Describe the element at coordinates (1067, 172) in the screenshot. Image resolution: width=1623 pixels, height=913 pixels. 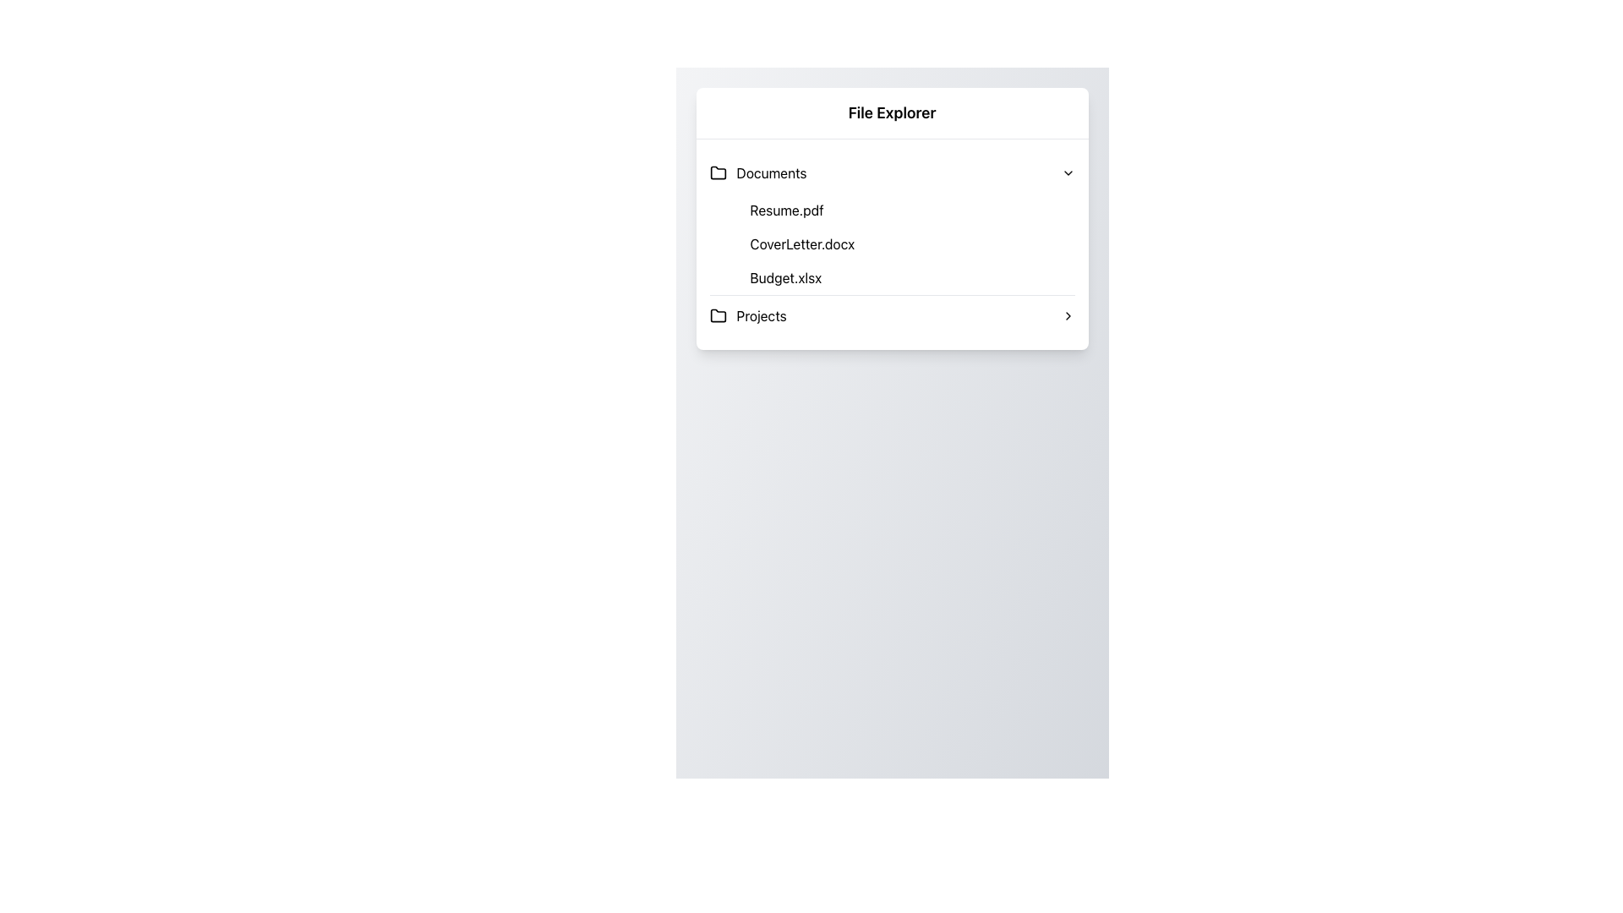
I see `the downward-pointing chevron icon in the far-right section of the 'Documents' row` at that location.